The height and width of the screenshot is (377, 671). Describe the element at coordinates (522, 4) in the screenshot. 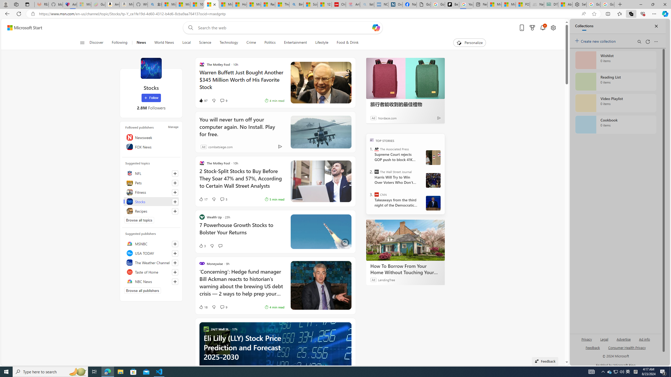

I see `'FOX News - MSN'` at that location.